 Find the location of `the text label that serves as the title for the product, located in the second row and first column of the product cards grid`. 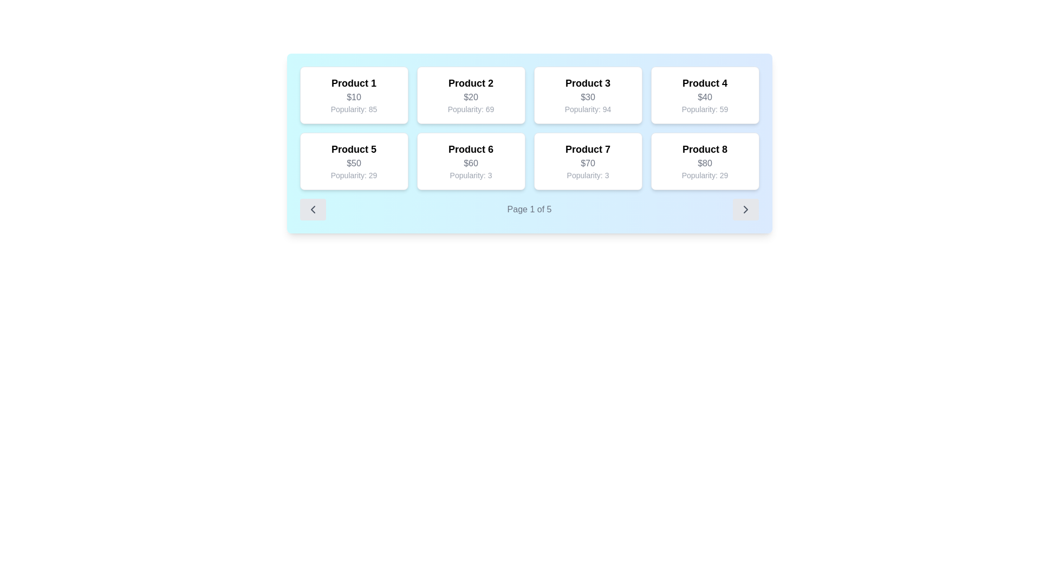

the text label that serves as the title for the product, located in the second row and first column of the product cards grid is located at coordinates (354, 149).